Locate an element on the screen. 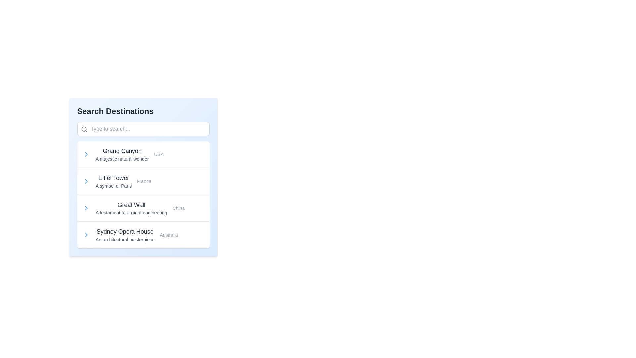 Image resolution: width=636 pixels, height=358 pixels. the text label that serves as the title or identifier for the first item in the list of destinations, positioned above the subtitle 'A majestic natural wonder' within the 'Search Destinations' sidebar is located at coordinates (122, 151).